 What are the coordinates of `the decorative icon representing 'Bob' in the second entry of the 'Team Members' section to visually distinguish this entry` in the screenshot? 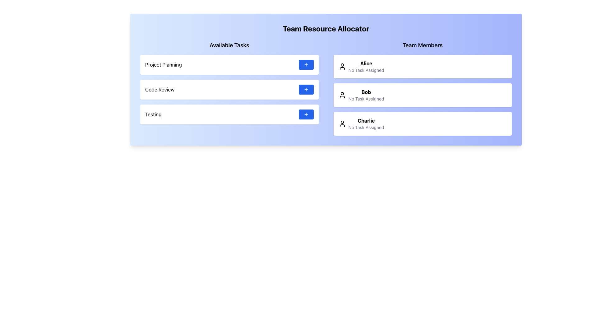 It's located at (342, 95).